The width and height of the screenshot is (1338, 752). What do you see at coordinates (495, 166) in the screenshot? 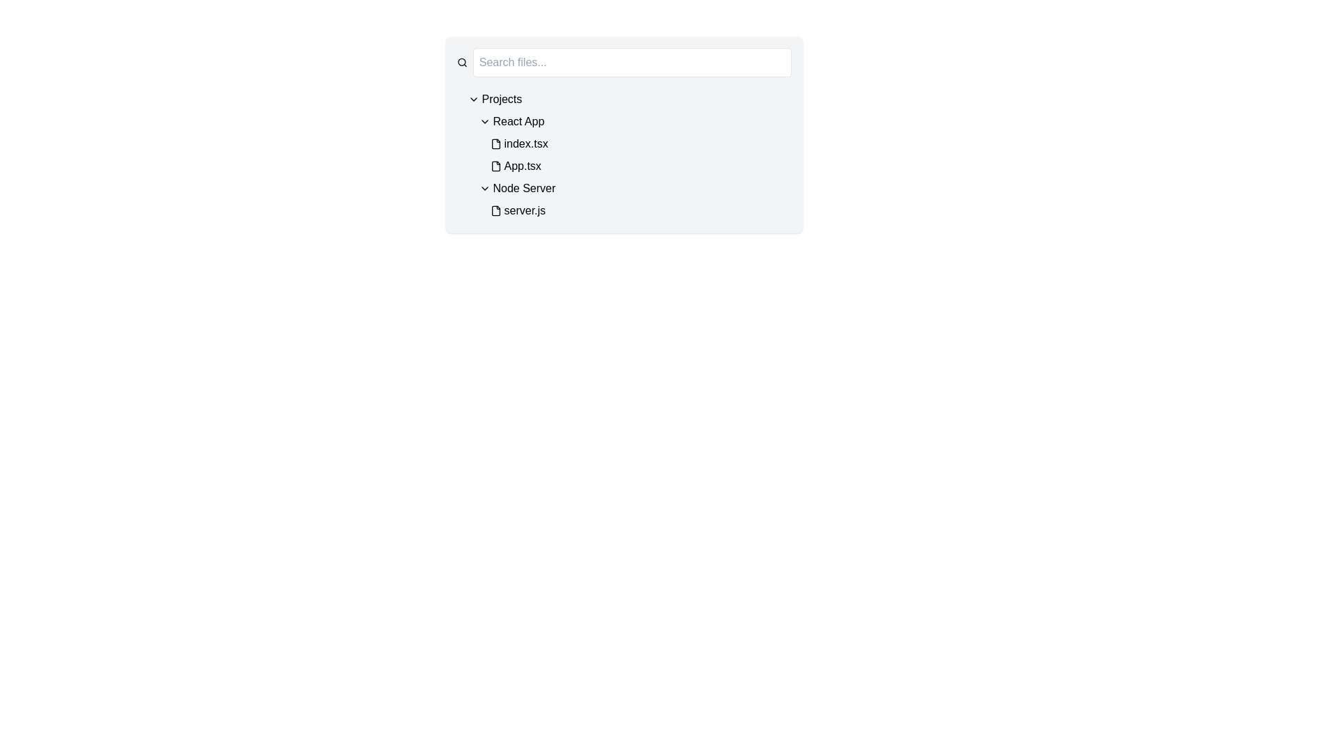
I see `the document icon representing the 'App.tsx' file located in the 'Projects > React App' section of the file tree` at bounding box center [495, 166].